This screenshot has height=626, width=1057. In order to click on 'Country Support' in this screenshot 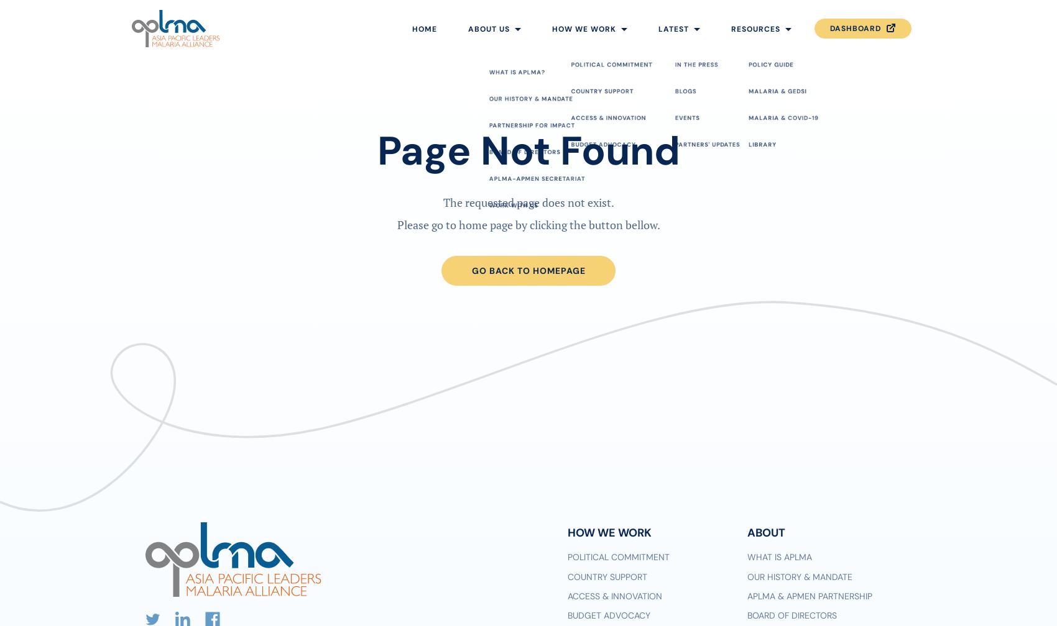, I will do `click(606, 576)`.